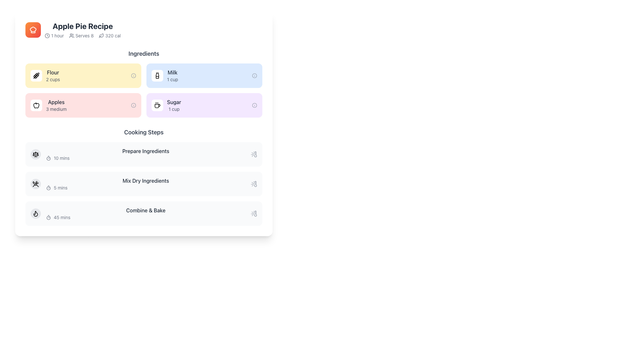  I want to click on the 'Milk' ingredient icon located in the second row of the 'Ingredients' section, which is represented by a light blue rounded rectangle labeled 'Milk 1 cup', so click(157, 75).